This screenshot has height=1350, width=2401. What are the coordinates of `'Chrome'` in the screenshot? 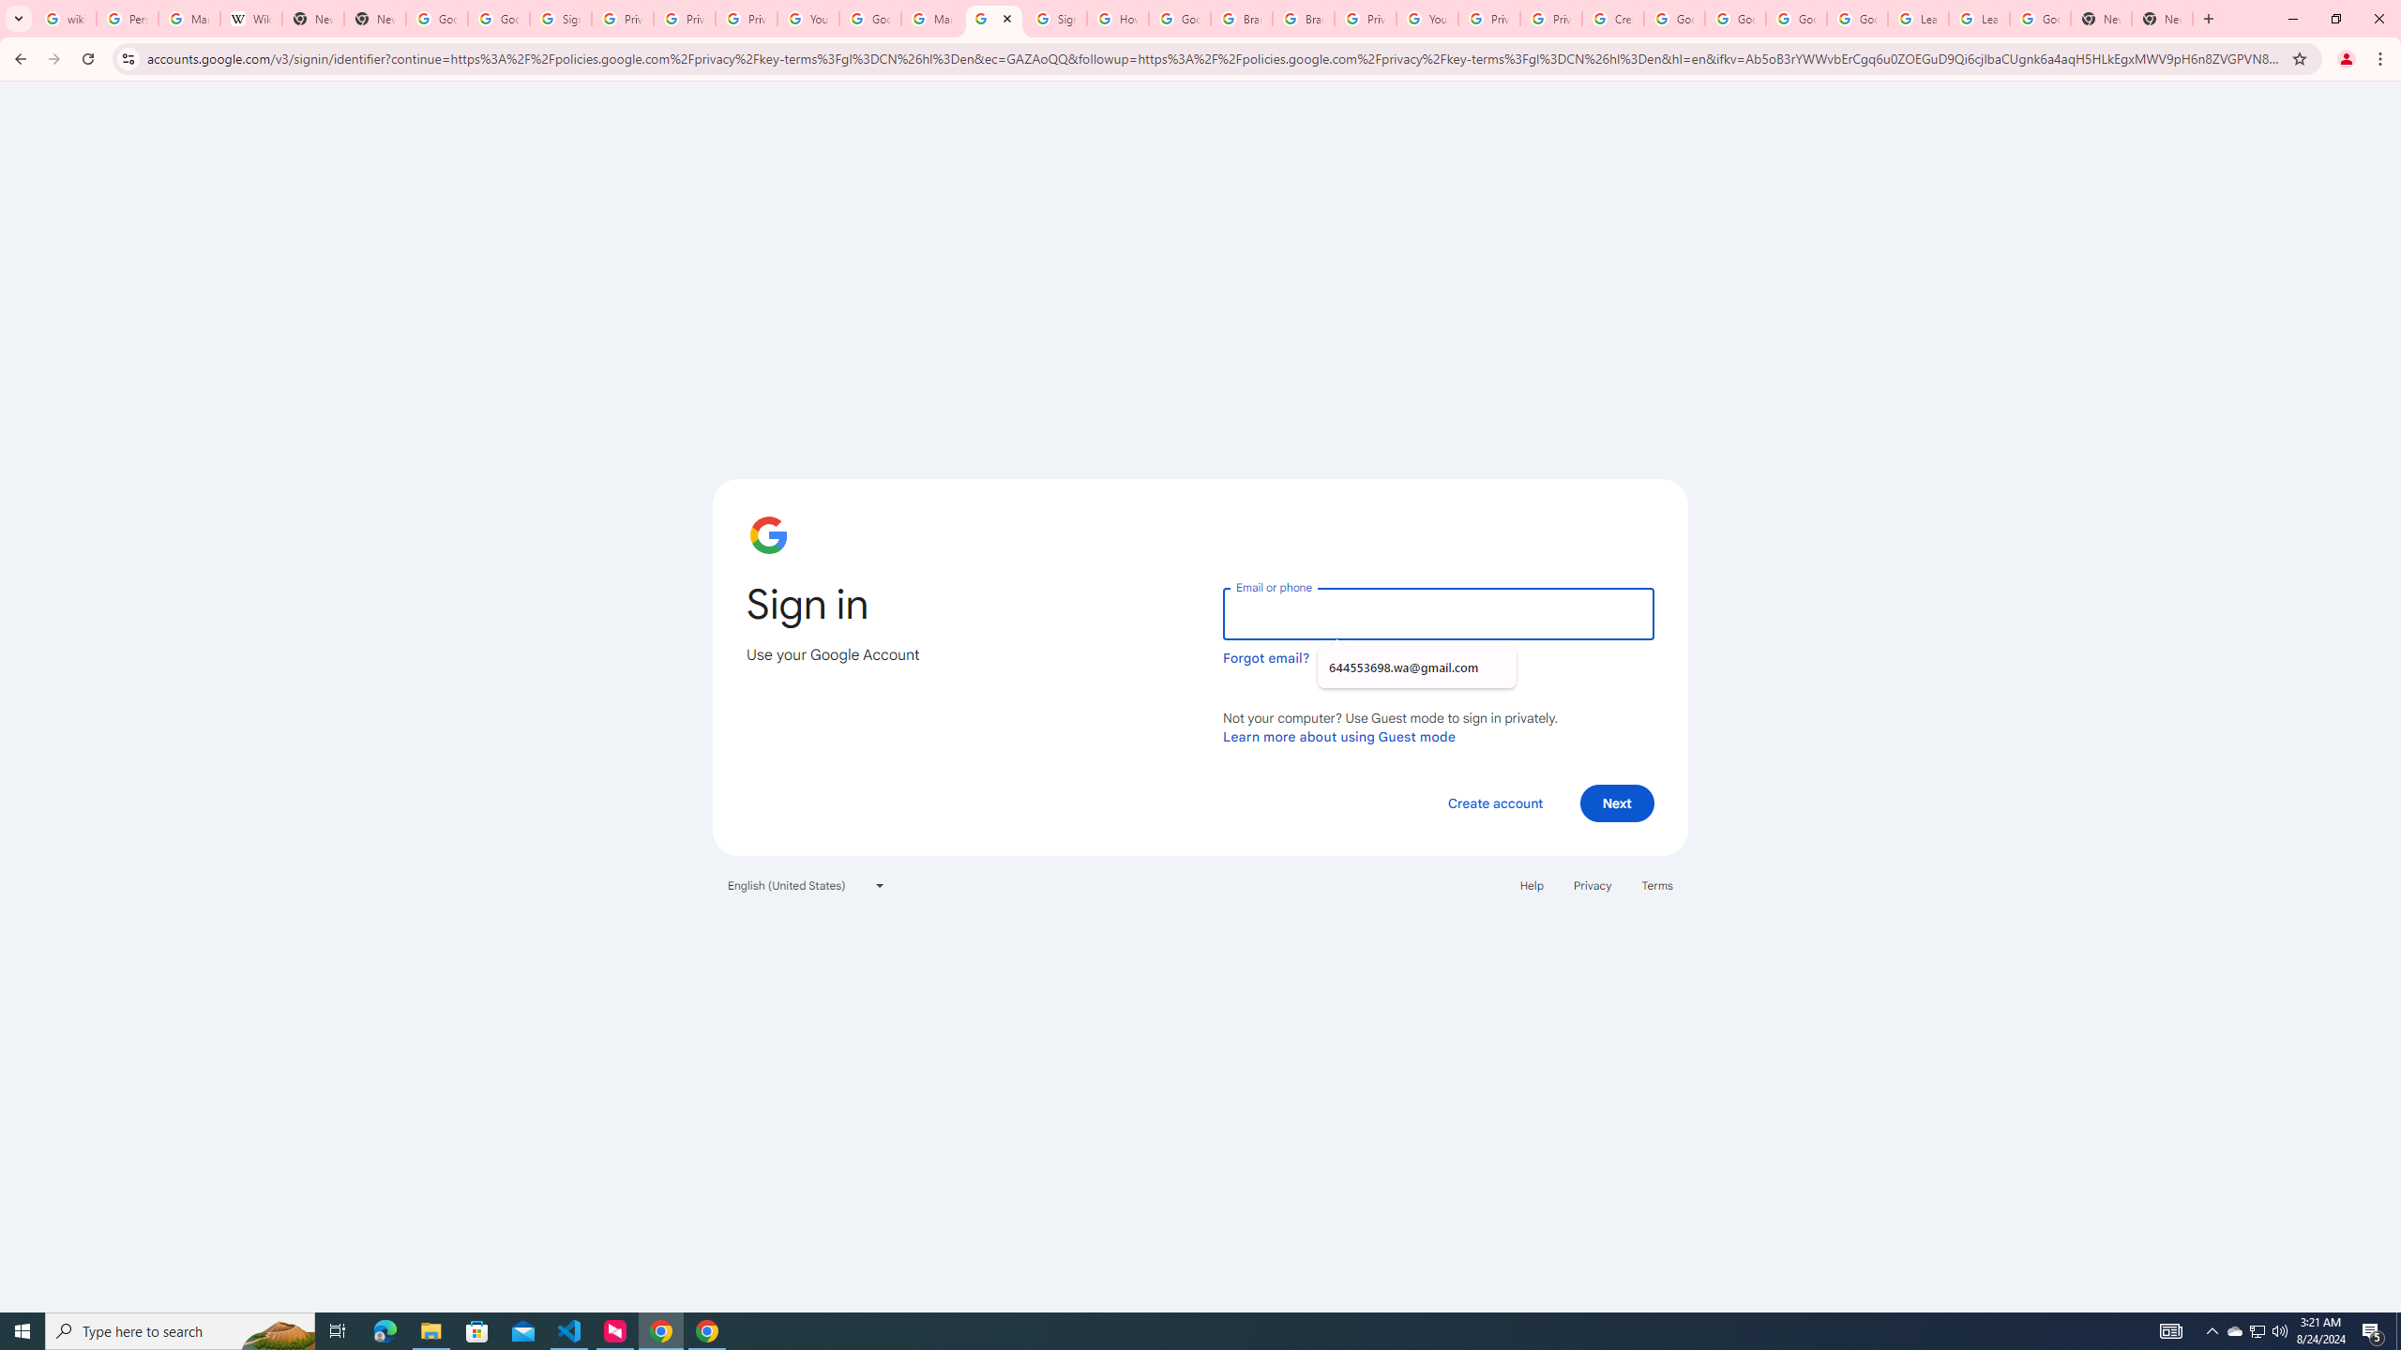 It's located at (2381, 58).